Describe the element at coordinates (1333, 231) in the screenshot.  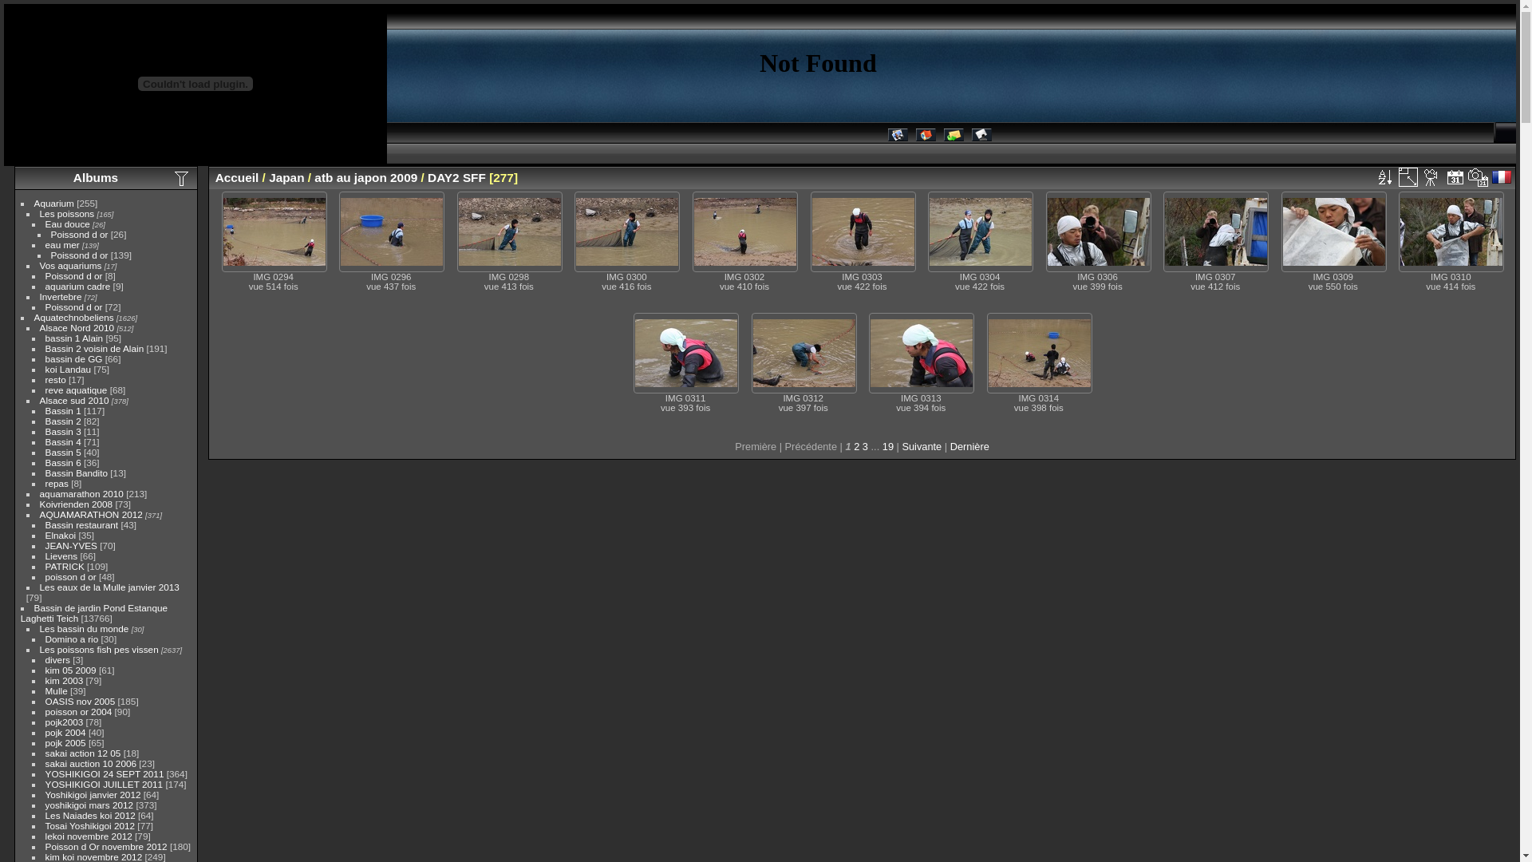
I see `'IMG 0309 (550 visites)'` at that location.